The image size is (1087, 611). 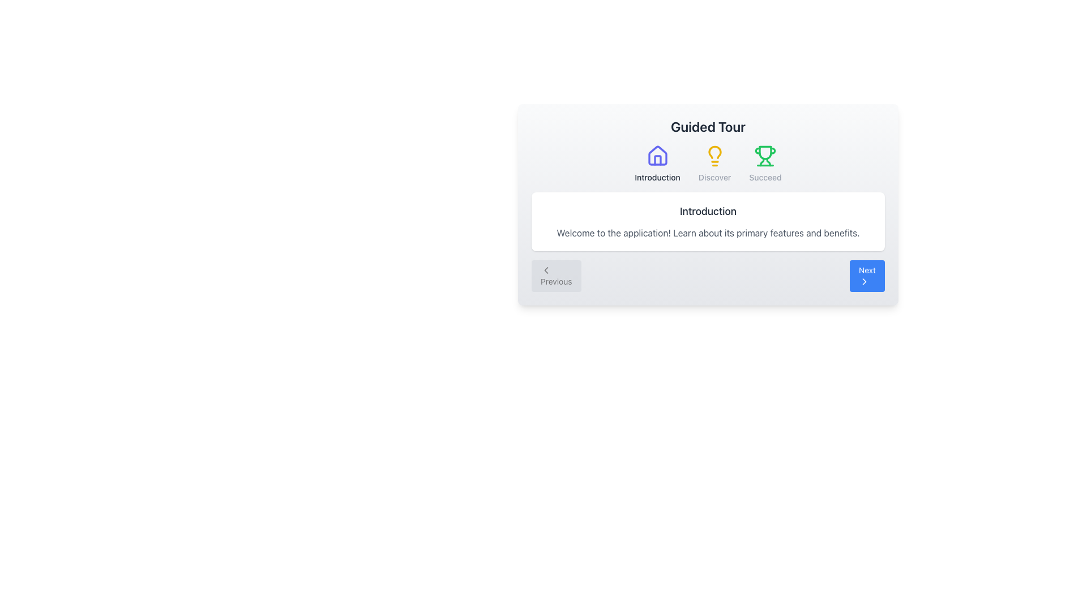 What do you see at coordinates (863, 281) in the screenshot?
I see `the right-pointing chevron icon inside the 'Next' button` at bounding box center [863, 281].